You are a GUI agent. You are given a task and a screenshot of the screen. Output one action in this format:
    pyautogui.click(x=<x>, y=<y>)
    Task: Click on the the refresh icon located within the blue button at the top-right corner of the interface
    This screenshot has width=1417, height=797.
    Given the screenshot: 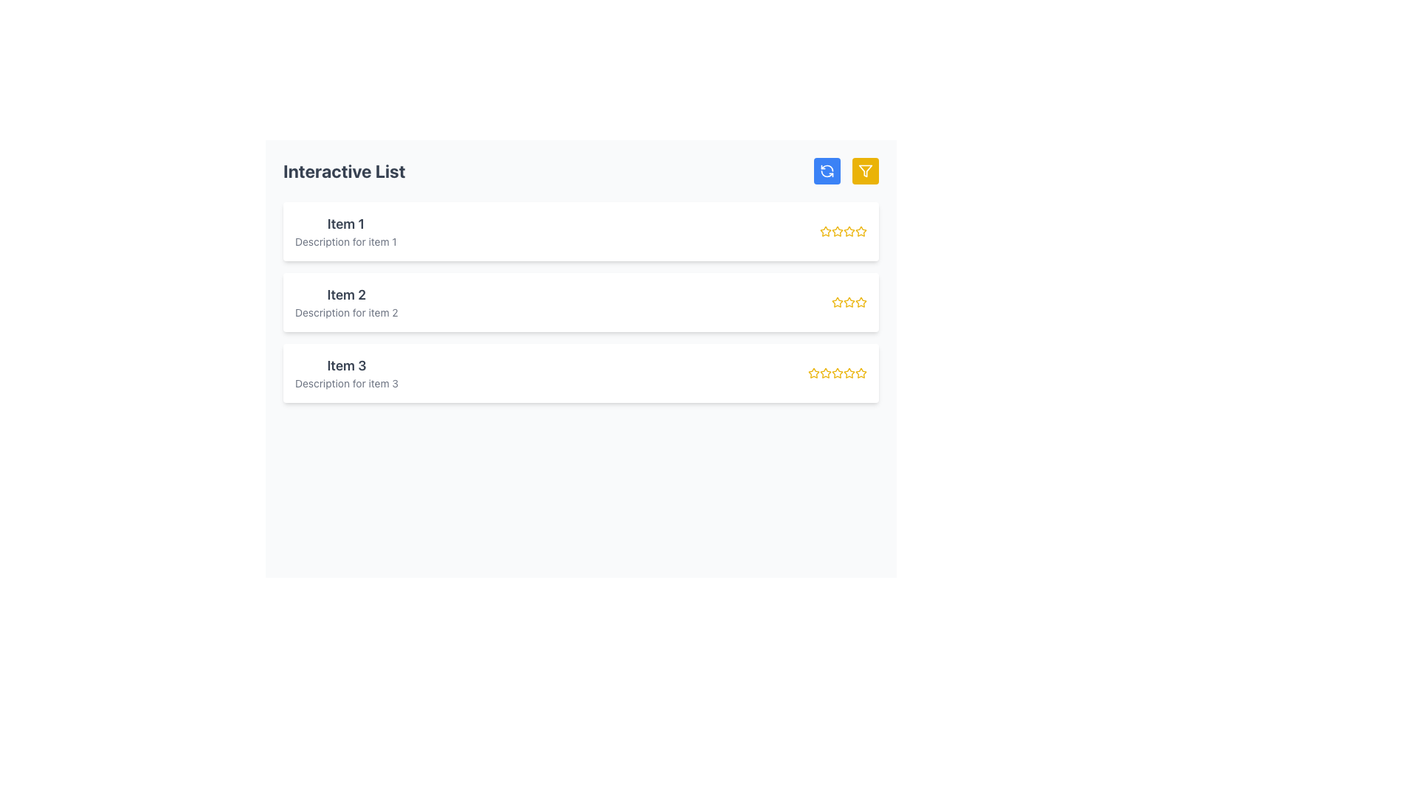 What is the action you would take?
    pyautogui.click(x=827, y=170)
    